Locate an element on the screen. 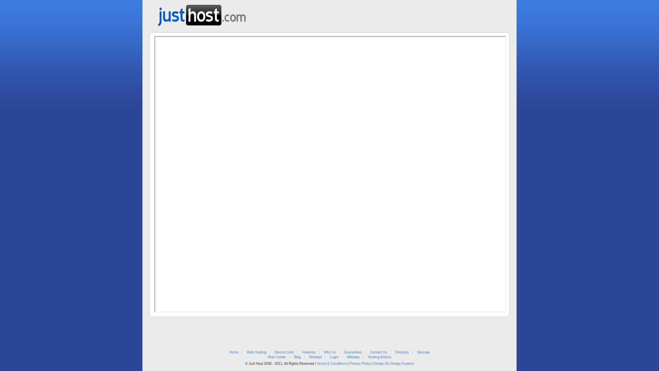 Image resolution: width=659 pixels, height=371 pixels. 'Guarantees' is located at coordinates (344, 352).